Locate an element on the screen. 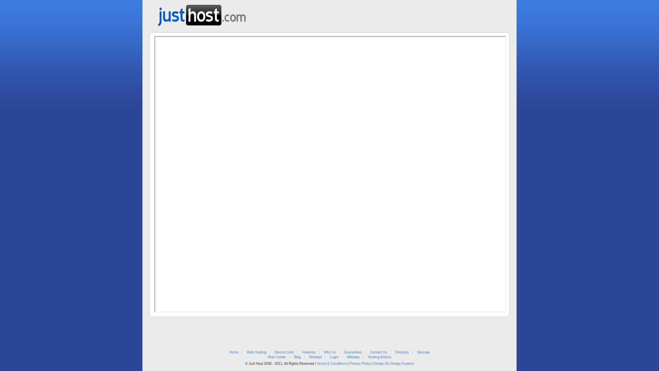 Image resolution: width=659 pixels, height=371 pixels. 'Guarantees' is located at coordinates (344, 352).